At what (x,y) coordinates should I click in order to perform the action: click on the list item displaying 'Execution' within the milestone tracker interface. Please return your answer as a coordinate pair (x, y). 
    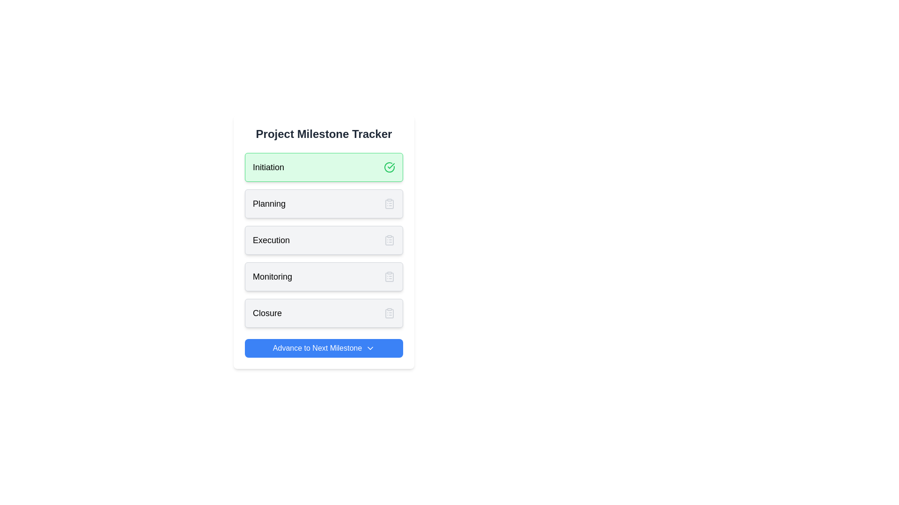
    Looking at the image, I should click on (324, 239).